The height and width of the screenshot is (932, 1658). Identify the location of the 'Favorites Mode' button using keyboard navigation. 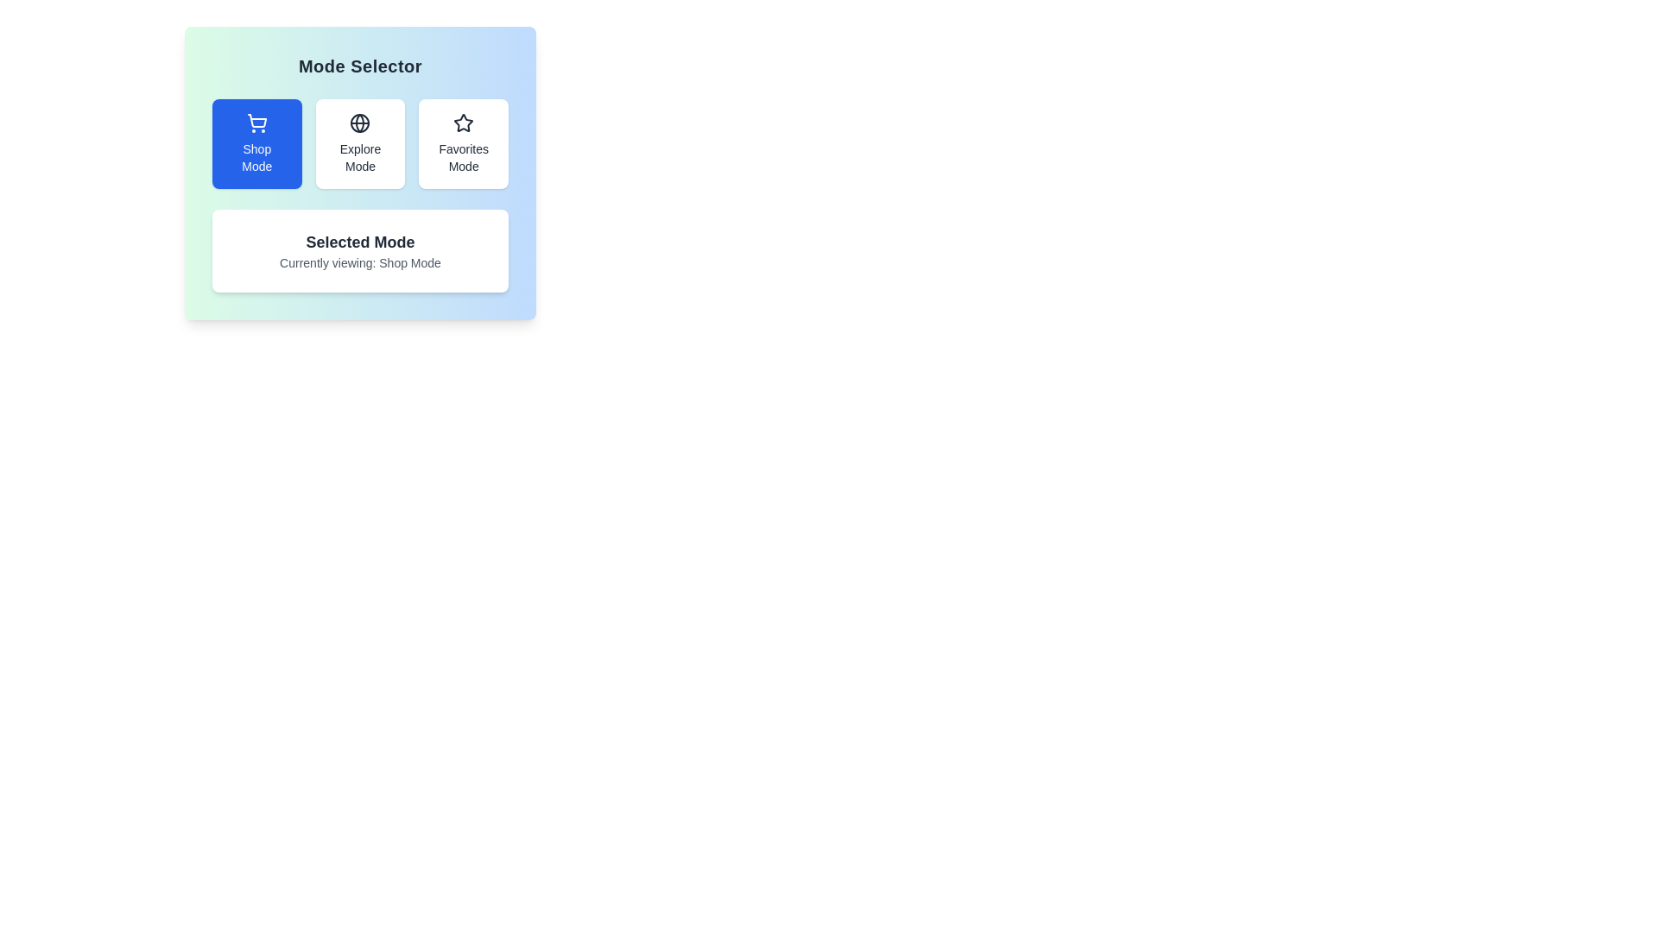
(464, 142).